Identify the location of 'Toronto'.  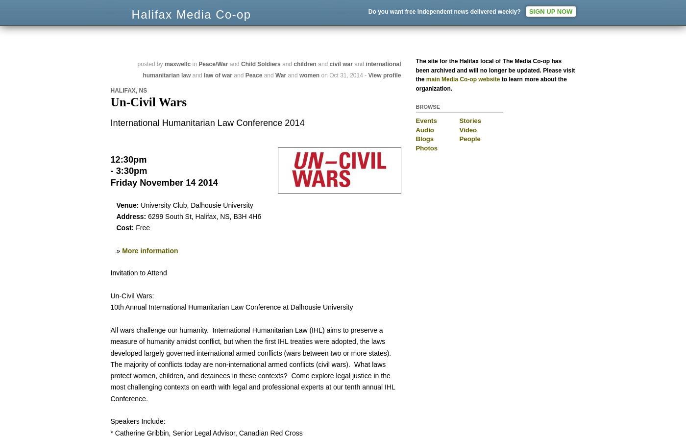
(517, 16).